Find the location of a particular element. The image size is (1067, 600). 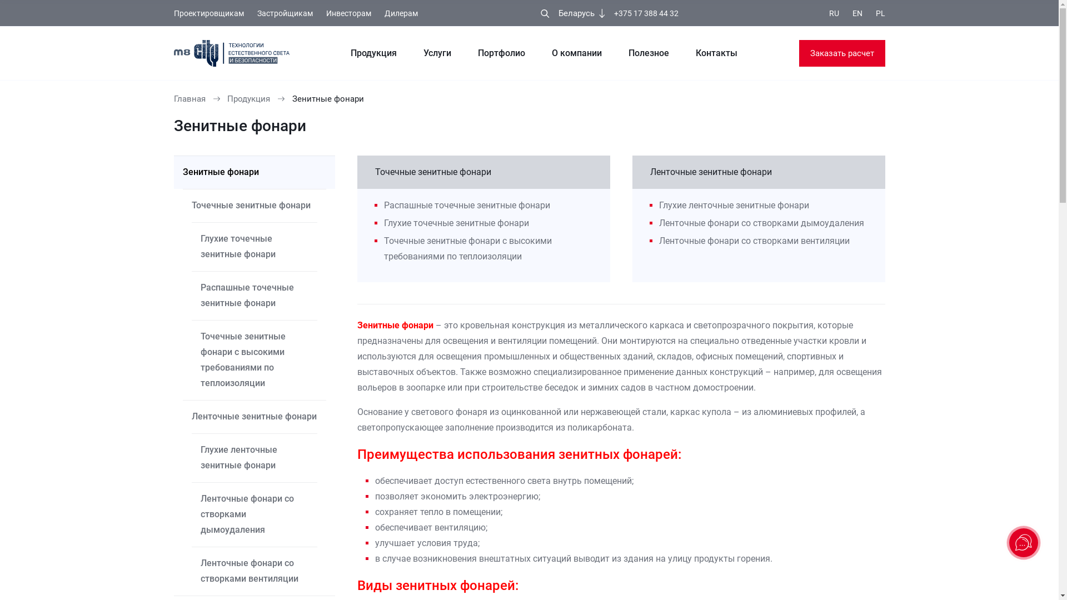

'PL' is located at coordinates (880, 13).